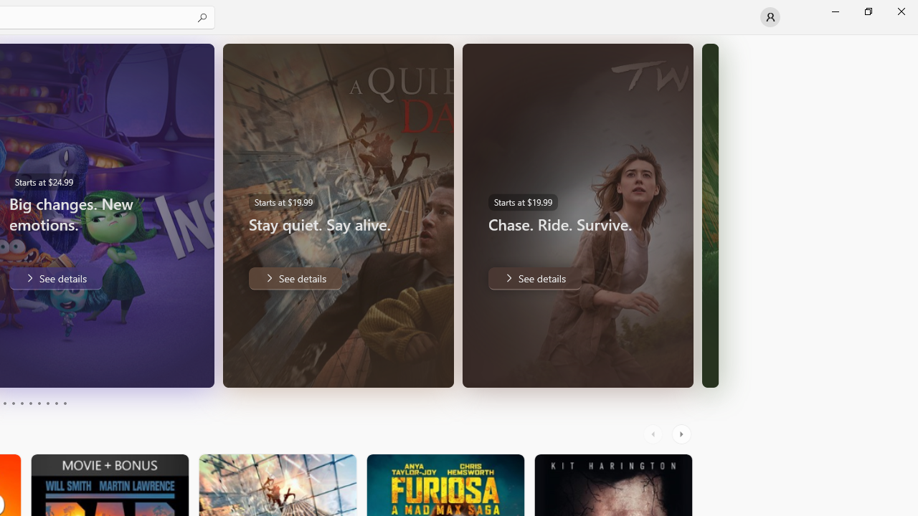  Describe the element at coordinates (682, 434) in the screenshot. I see `'AutomationID: RightScrollButton'` at that location.